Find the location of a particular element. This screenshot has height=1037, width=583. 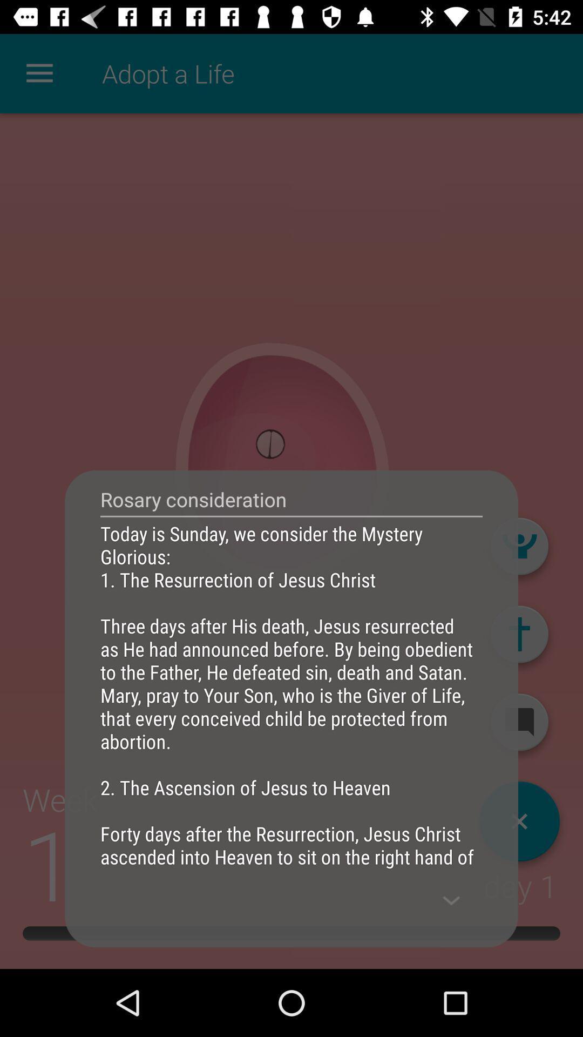

item at the bottom right corner is located at coordinates (451, 900).